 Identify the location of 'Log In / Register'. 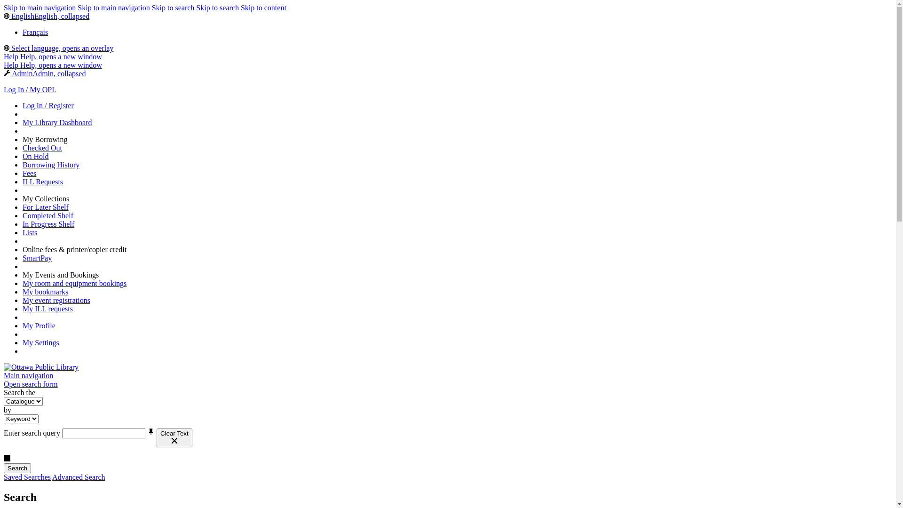
(48, 105).